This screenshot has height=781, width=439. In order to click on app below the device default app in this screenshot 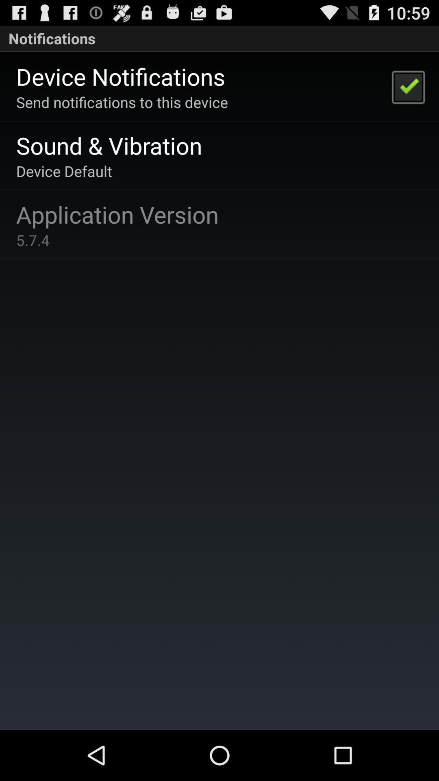, I will do `click(117, 214)`.